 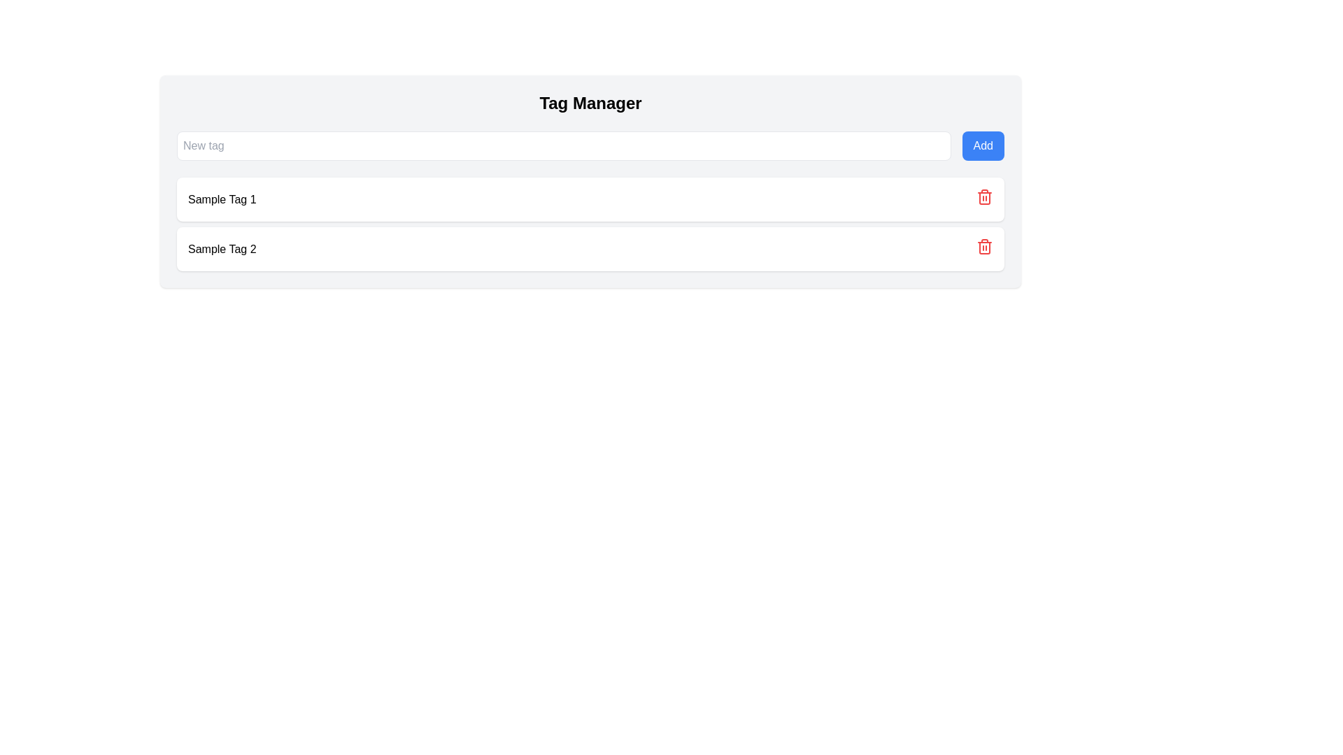 What do you see at coordinates (983, 199) in the screenshot?
I see `the delete button positioned to the right of the list item 'Sample Tag 1'` at bounding box center [983, 199].